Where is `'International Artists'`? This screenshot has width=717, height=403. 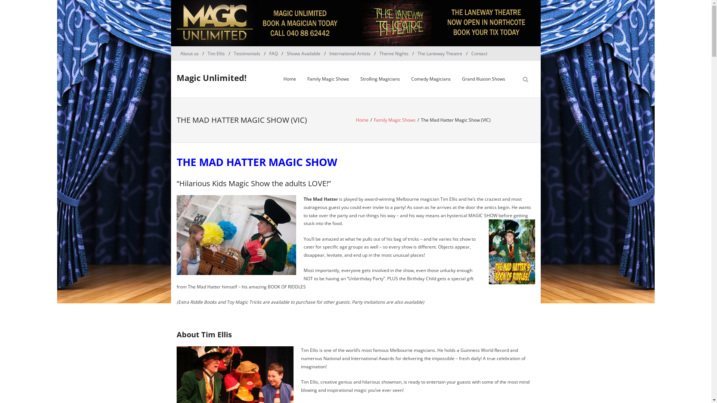
'International Artists' is located at coordinates (349, 53).